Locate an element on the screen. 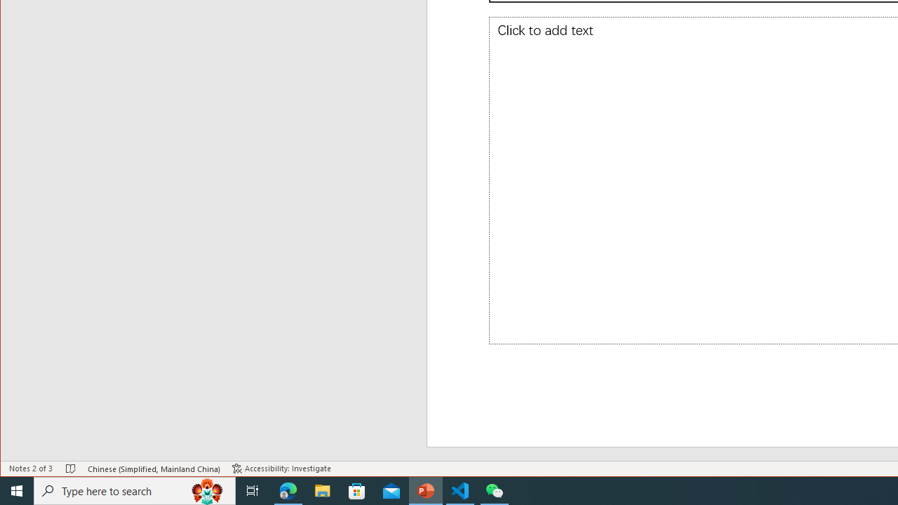  'WeChat - 1 running window' is located at coordinates (495, 490).